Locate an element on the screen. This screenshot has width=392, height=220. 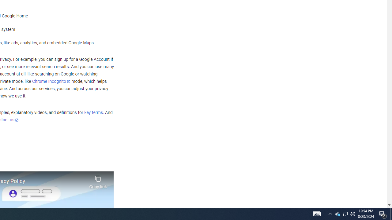
'Chrome Incognito' is located at coordinates (51, 81).